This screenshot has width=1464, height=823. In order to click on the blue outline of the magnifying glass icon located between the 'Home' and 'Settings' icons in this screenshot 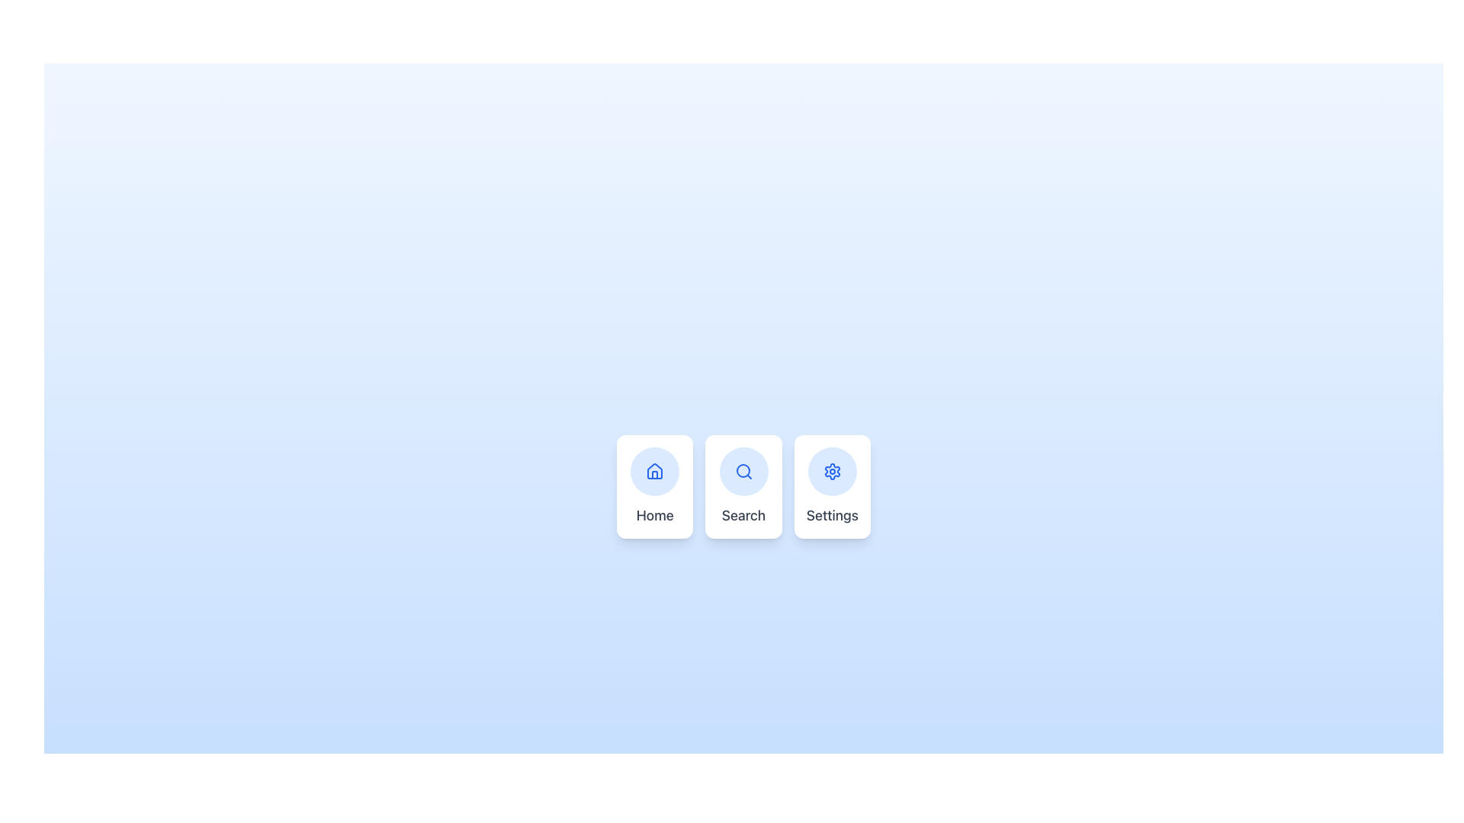, I will do `click(743, 470)`.